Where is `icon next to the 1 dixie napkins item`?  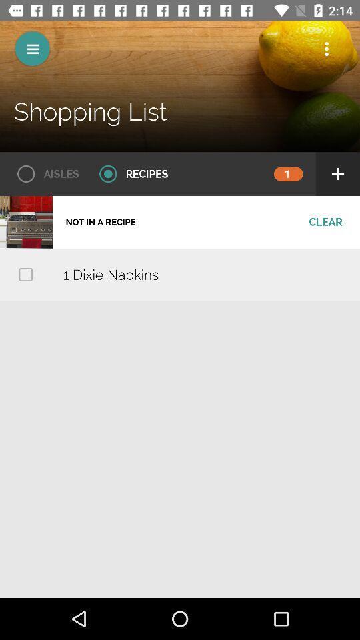 icon next to the 1 dixie napkins item is located at coordinates (25, 273).